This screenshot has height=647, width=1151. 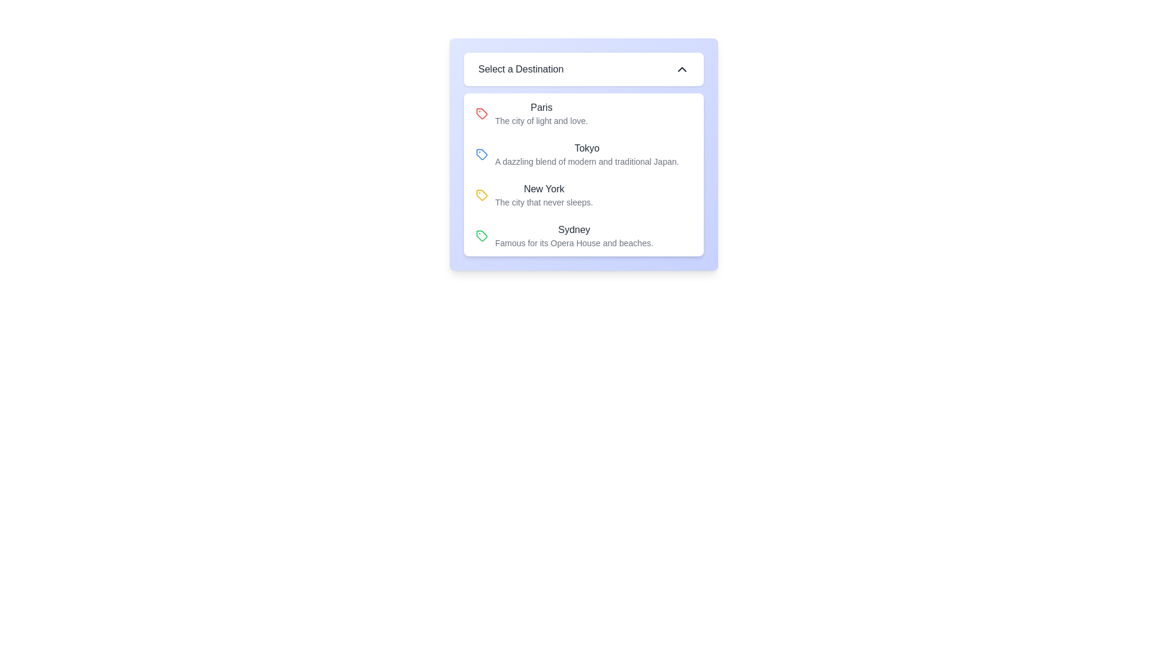 I want to click on the selectable entry for 'New York' in the dropdown menu titled 'Select a Destination', so click(x=584, y=175).